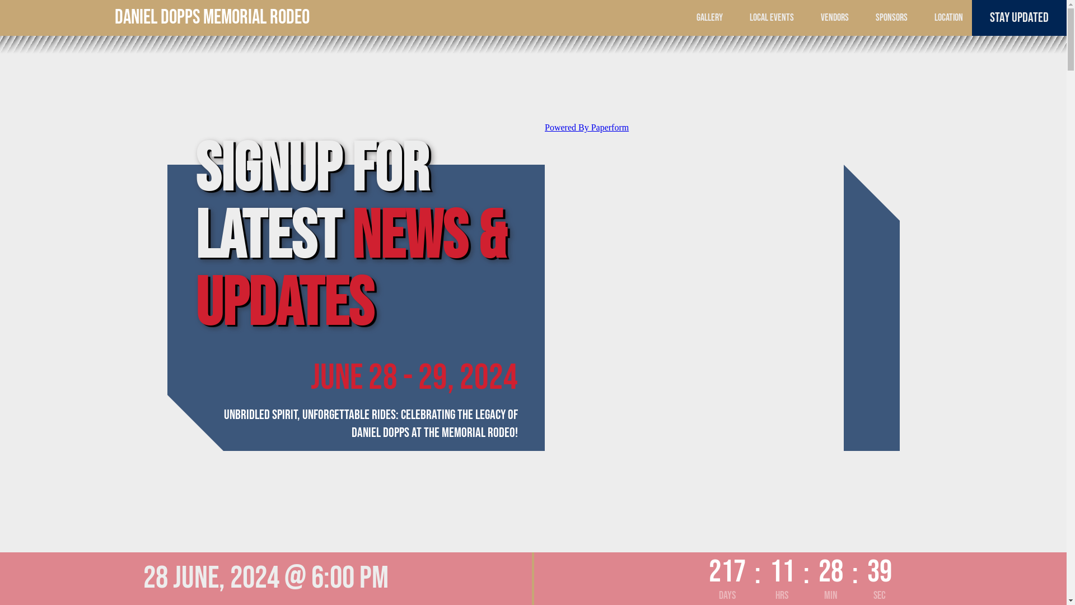 The width and height of the screenshot is (1075, 605). Describe the element at coordinates (835, 17) in the screenshot. I see `'VENDORS'` at that location.